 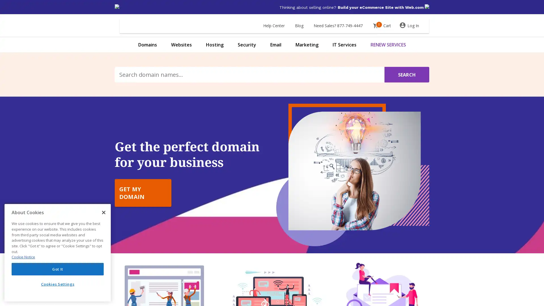 I want to click on Got It, so click(x=58, y=269).